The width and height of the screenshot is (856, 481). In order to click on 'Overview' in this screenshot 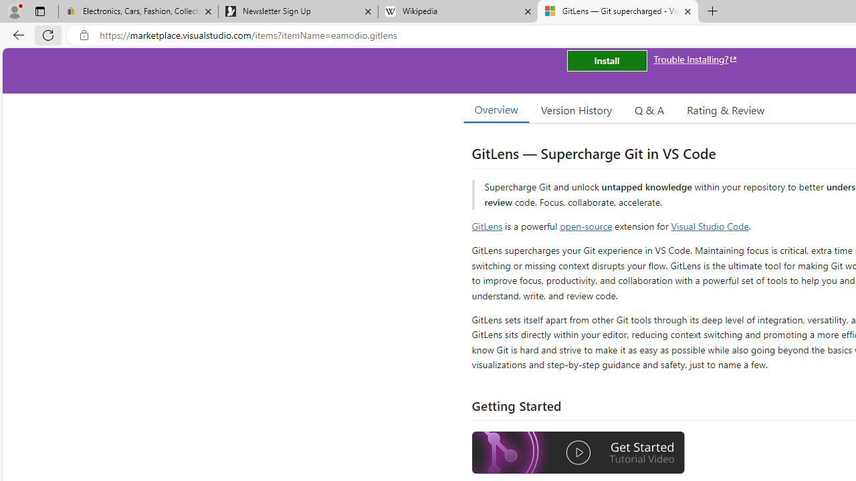, I will do `click(496, 109)`.